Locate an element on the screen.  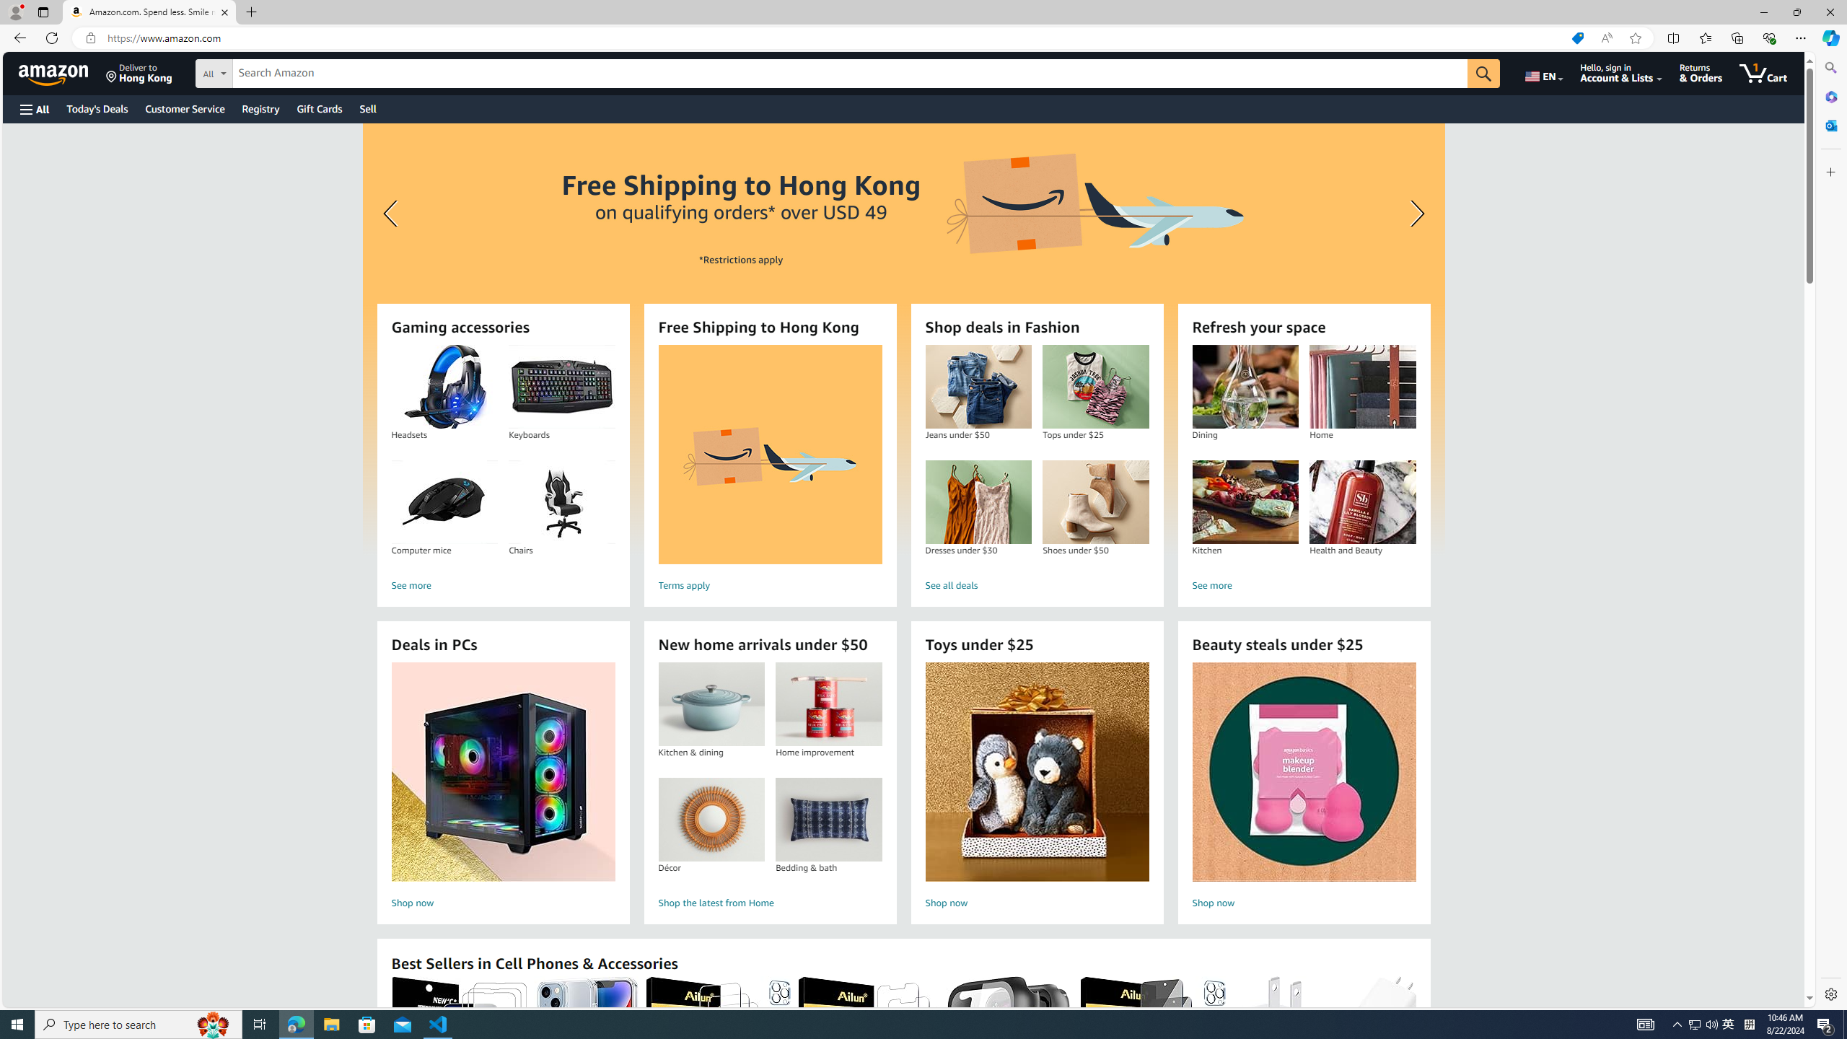
'Kitchen & dining' is located at coordinates (711, 704).